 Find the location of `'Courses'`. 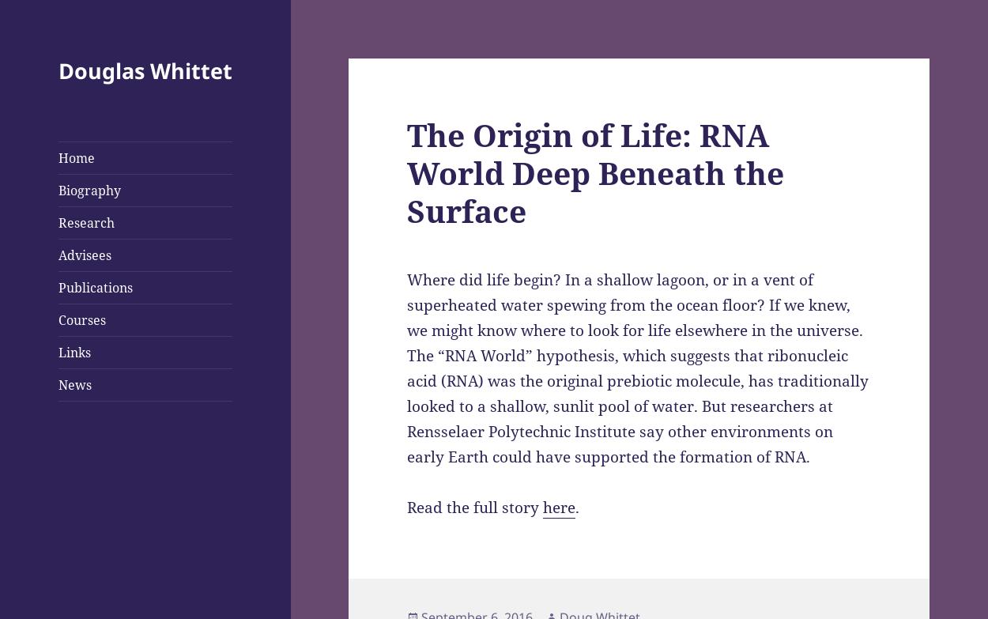

'Courses' is located at coordinates (81, 319).